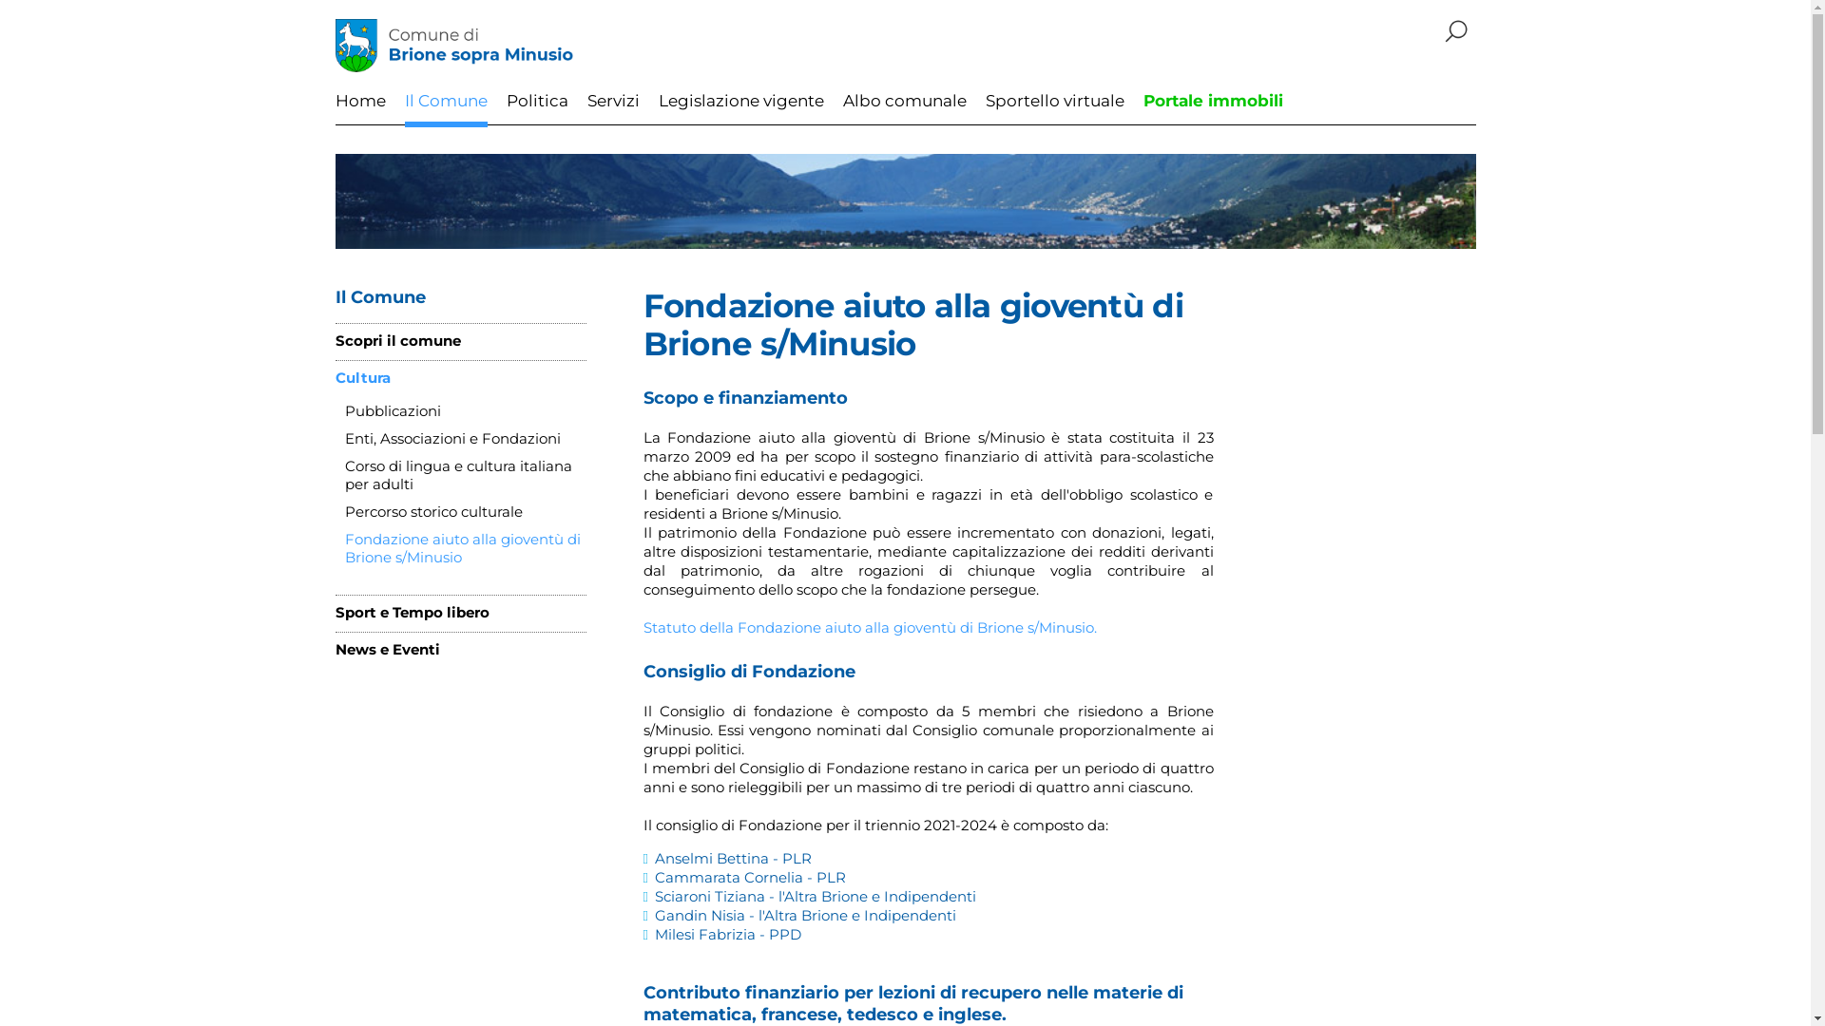  I want to click on 'Scopri il comune', so click(395, 339).